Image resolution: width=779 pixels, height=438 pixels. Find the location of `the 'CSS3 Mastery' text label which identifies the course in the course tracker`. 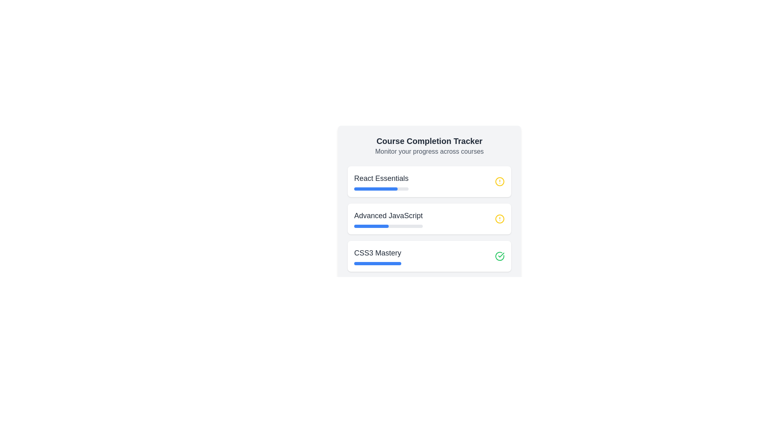

the 'CSS3 Mastery' text label which identifies the course in the course tracker is located at coordinates (377, 256).